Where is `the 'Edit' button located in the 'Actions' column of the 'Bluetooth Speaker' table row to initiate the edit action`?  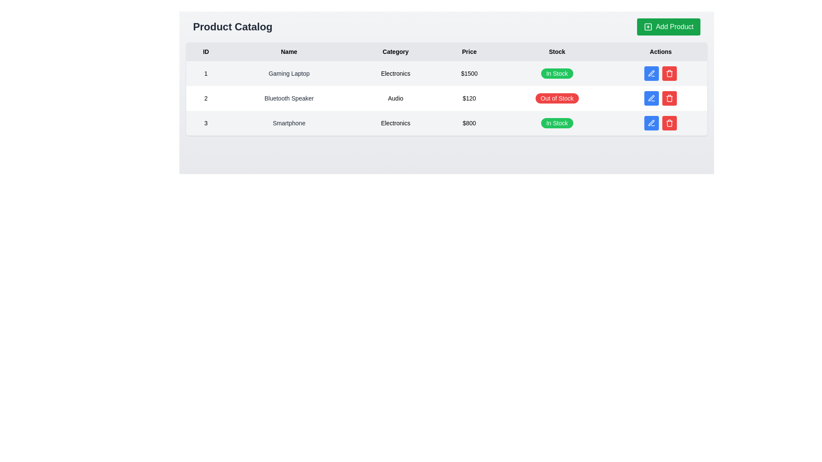
the 'Edit' button located in the 'Actions' column of the 'Bluetooth Speaker' table row to initiate the edit action is located at coordinates (660, 98).